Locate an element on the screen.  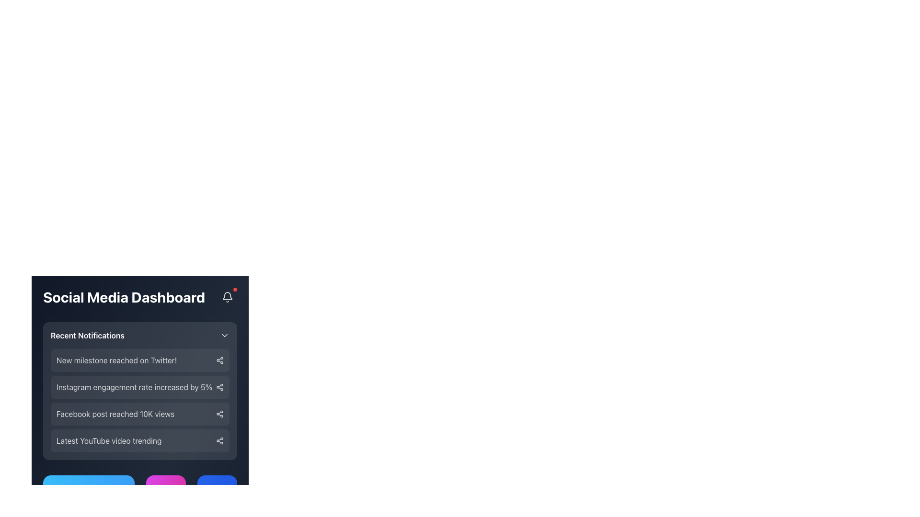
the first notification item in the 'Recent Notifications' section of the 'Social Media Dashboard' which indicates a recent achievement or event related to Twitter is located at coordinates (139, 360).